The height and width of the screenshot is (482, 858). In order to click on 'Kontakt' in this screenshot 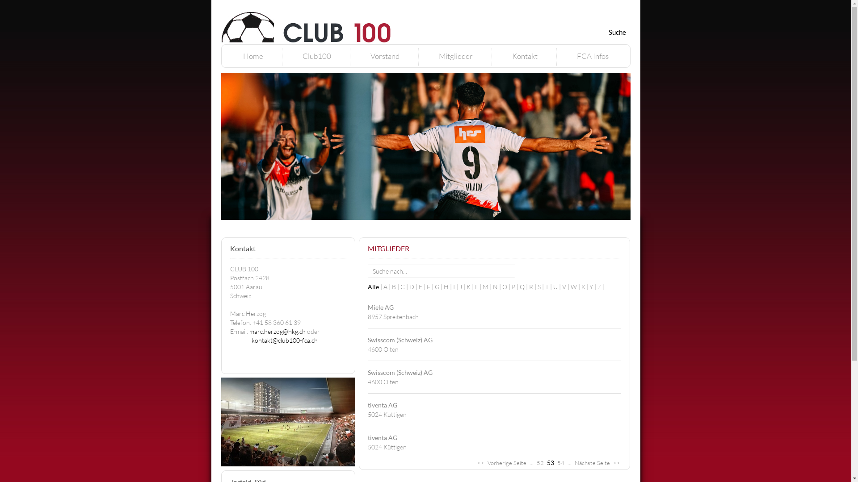, I will do `click(525, 56)`.